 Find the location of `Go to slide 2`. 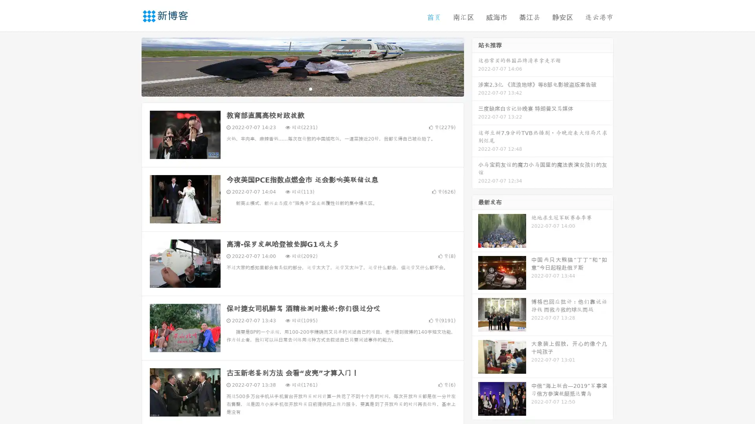

Go to slide 2 is located at coordinates (302, 88).